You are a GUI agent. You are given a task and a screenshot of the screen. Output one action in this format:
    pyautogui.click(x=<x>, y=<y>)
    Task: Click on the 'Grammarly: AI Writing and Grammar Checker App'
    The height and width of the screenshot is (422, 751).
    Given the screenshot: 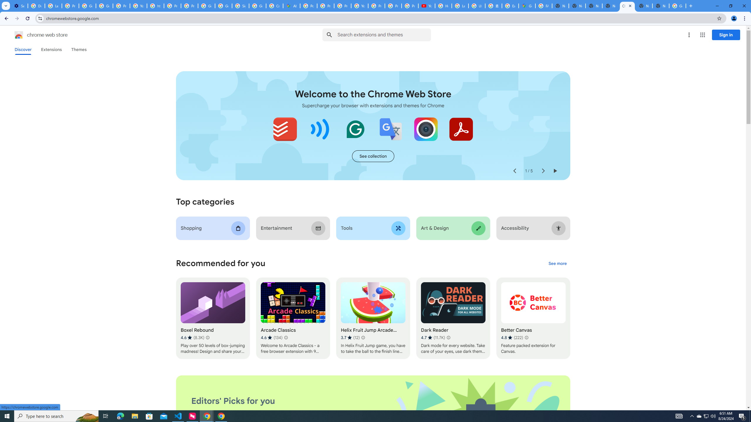 What is the action you would take?
    pyautogui.click(x=355, y=129)
    